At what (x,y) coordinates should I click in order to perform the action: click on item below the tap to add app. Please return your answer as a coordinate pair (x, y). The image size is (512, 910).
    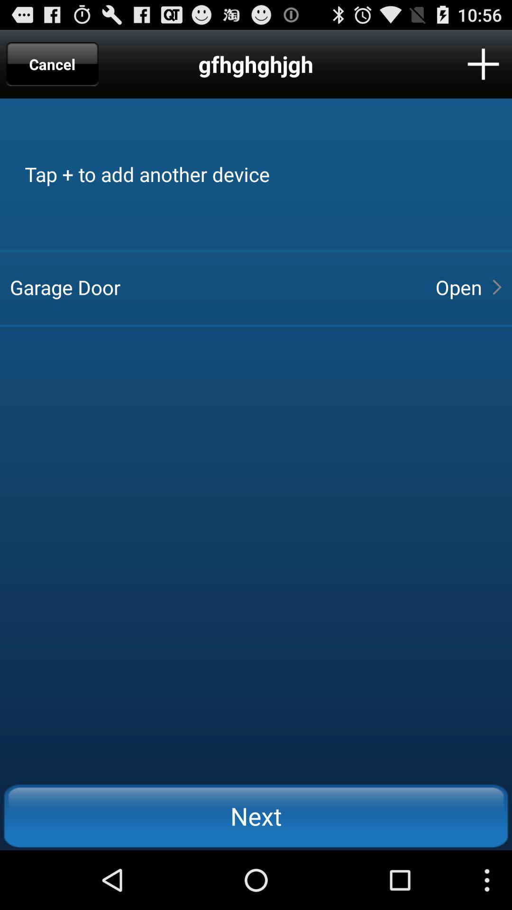
    Looking at the image, I should click on (214, 286).